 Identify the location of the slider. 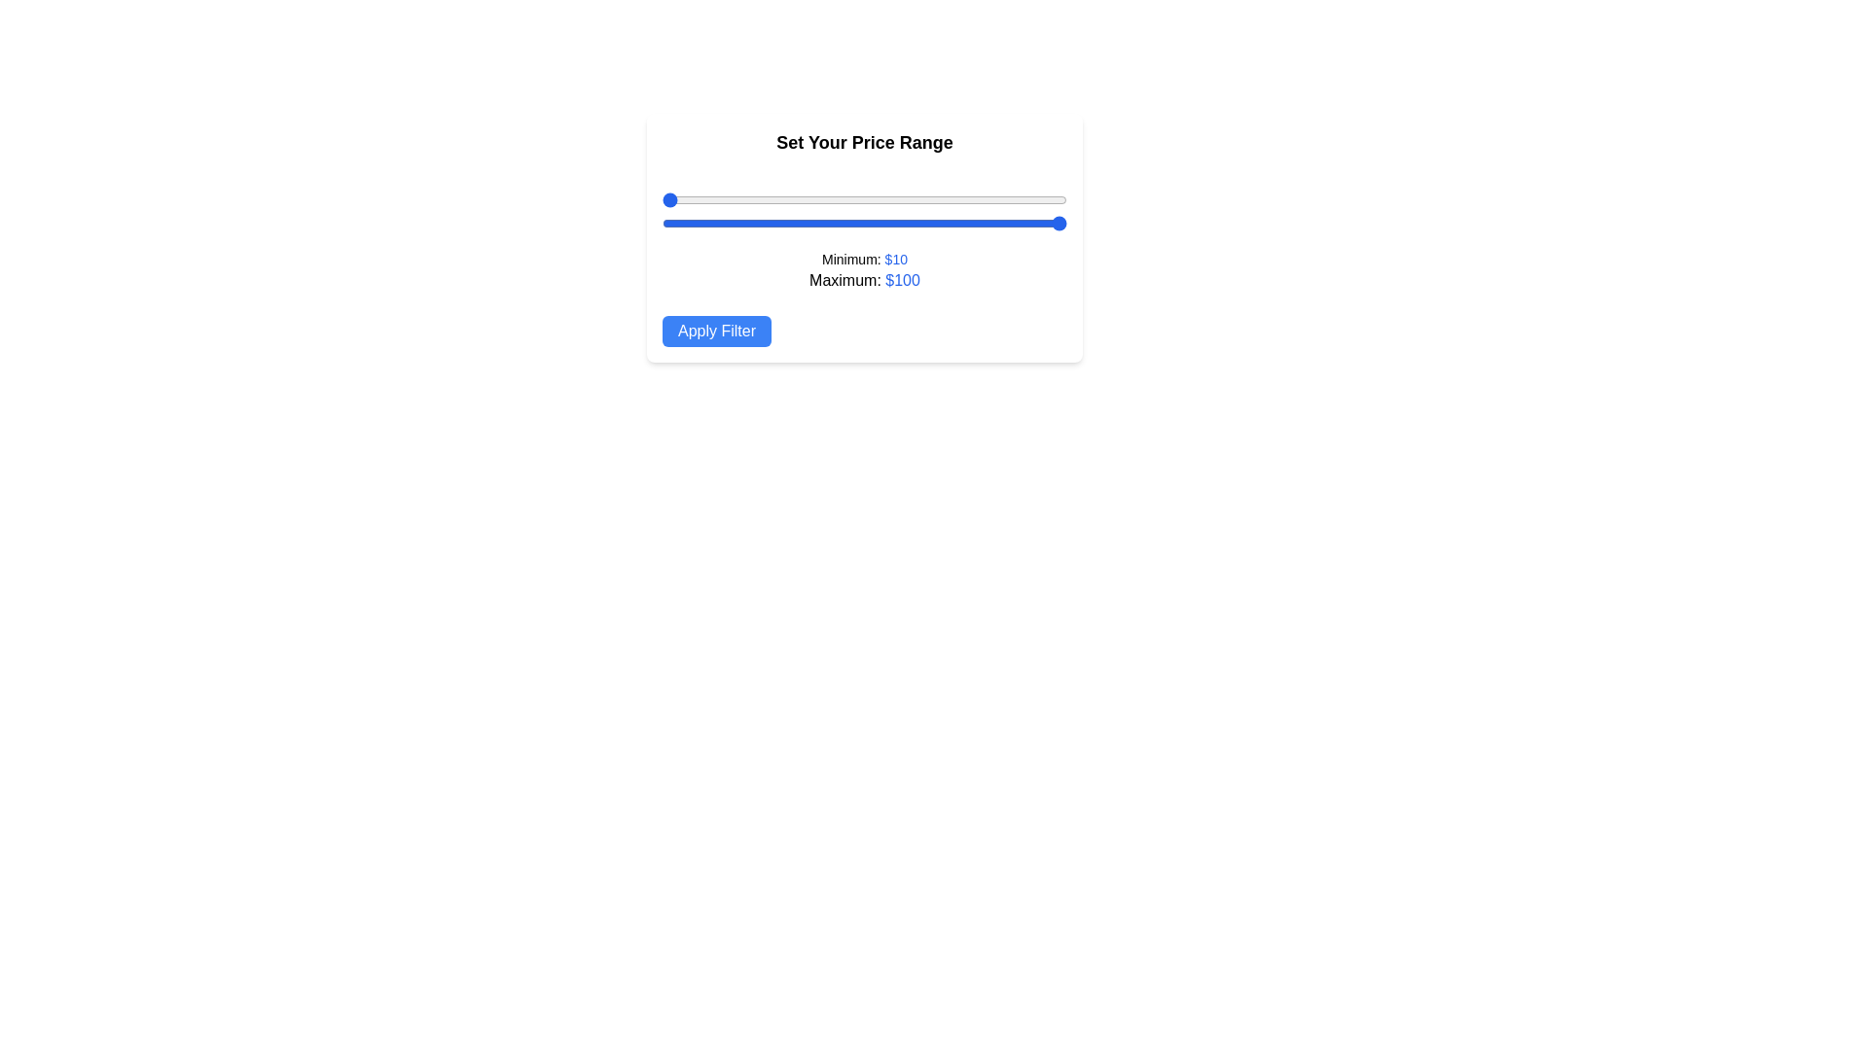
(701, 223).